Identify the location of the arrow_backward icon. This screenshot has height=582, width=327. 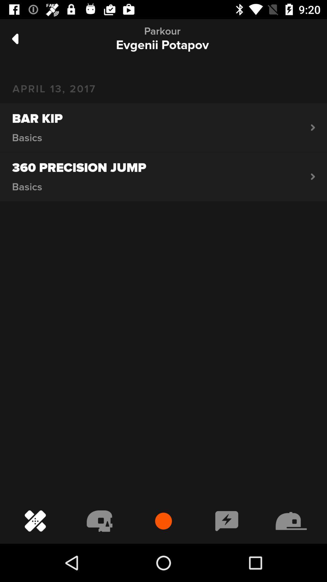
(15, 38).